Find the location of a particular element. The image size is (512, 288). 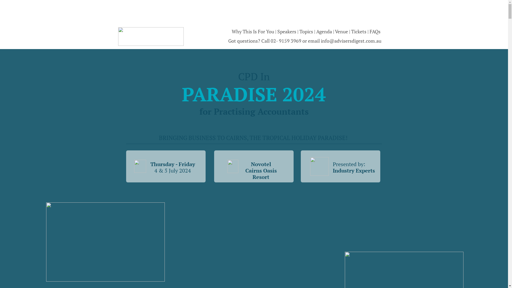

'FAQs' is located at coordinates (375, 31).